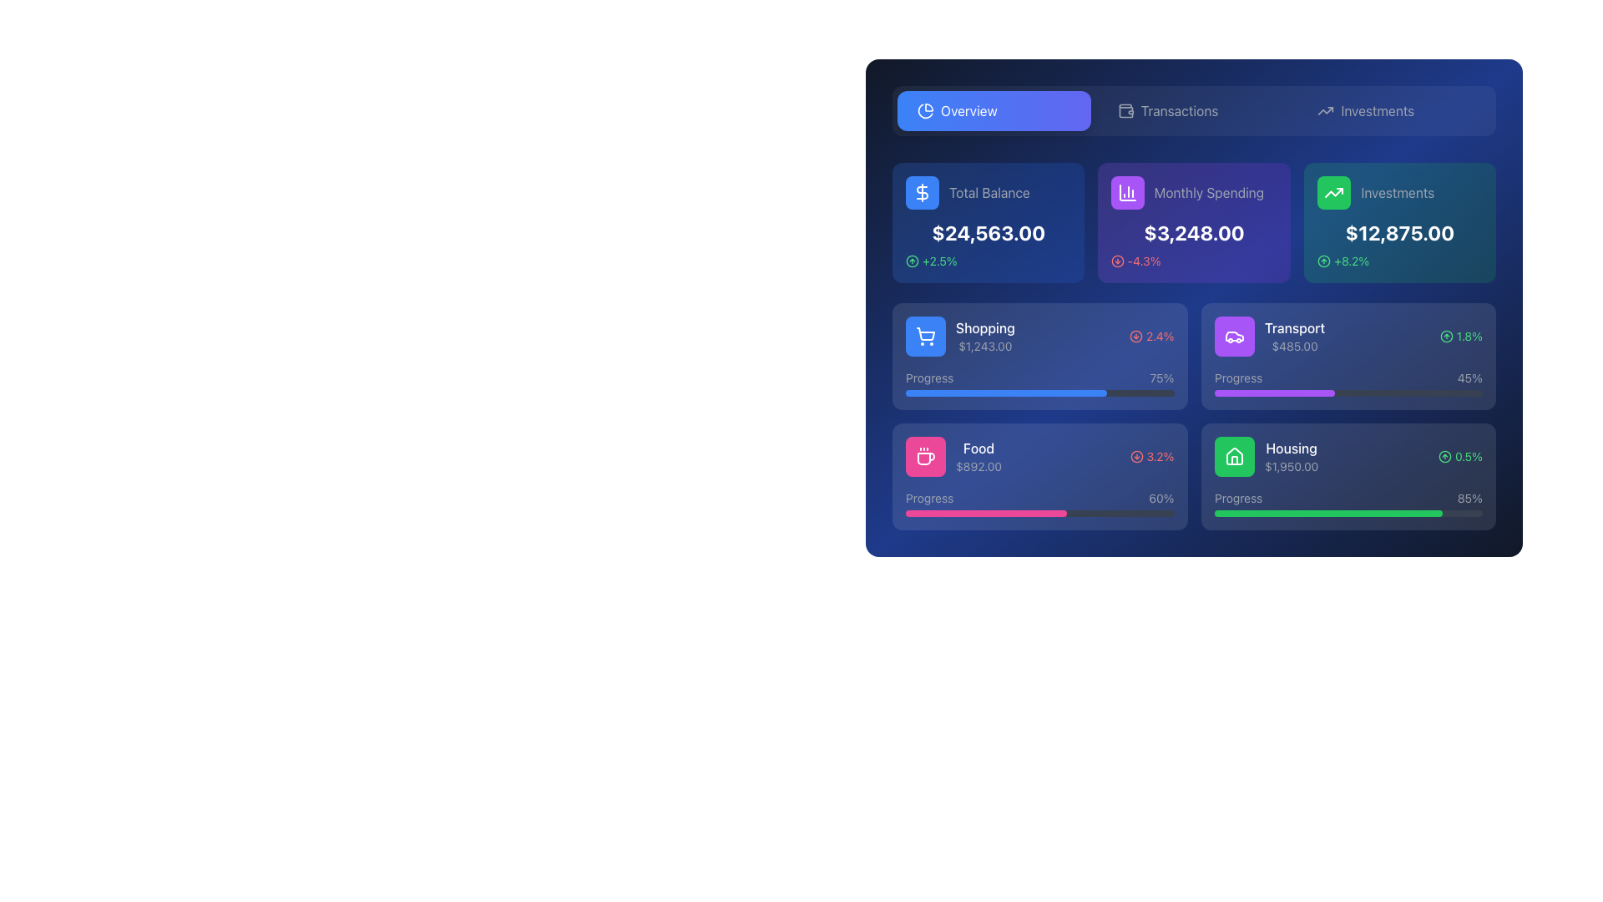 Image resolution: width=1603 pixels, height=902 pixels. I want to click on monetary value displayed in the Text label showing '$1,950.00' located below the 'Housing' text in the bottom-right section of the UI, so click(1290, 467).